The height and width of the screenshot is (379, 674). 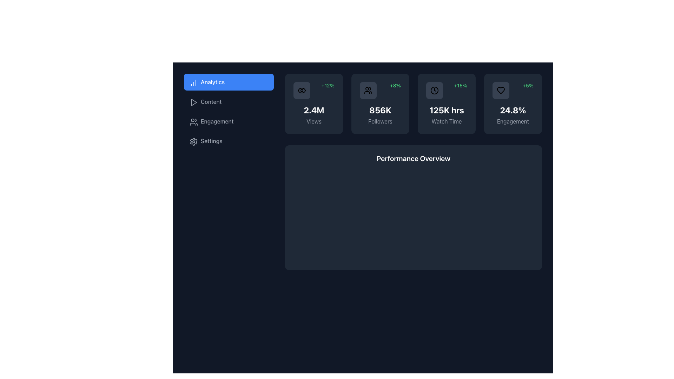 What do you see at coordinates (194, 102) in the screenshot?
I see `the triangular play icon located in the navigation menu under the 'Analytics' section and above 'Engagement'` at bounding box center [194, 102].